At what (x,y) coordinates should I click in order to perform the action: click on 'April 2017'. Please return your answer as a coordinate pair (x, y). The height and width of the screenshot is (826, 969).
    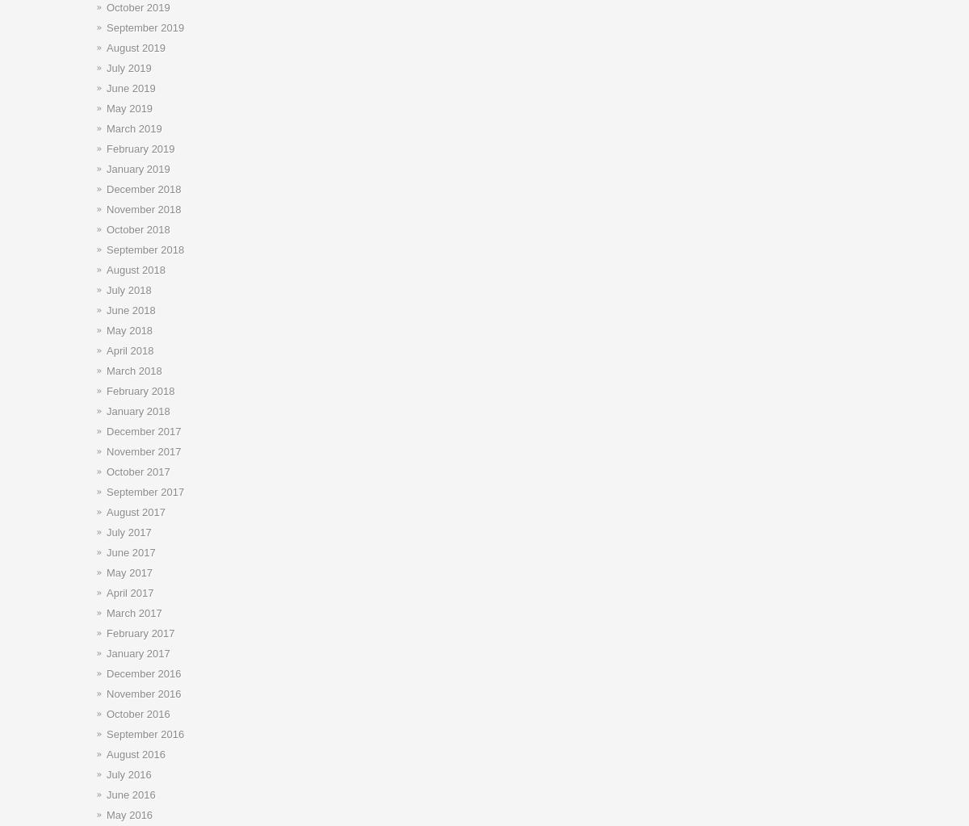
    Looking at the image, I should click on (129, 593).